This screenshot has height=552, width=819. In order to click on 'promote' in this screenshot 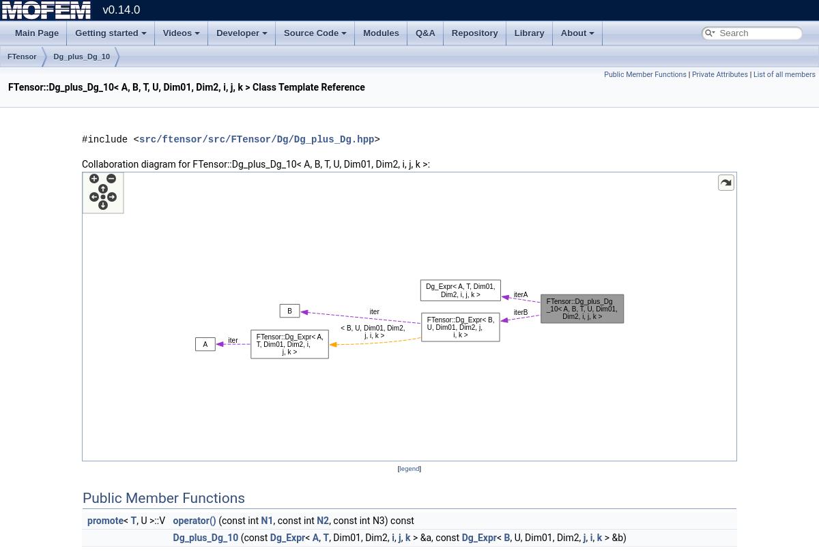, I will do `click(104, 519)`.